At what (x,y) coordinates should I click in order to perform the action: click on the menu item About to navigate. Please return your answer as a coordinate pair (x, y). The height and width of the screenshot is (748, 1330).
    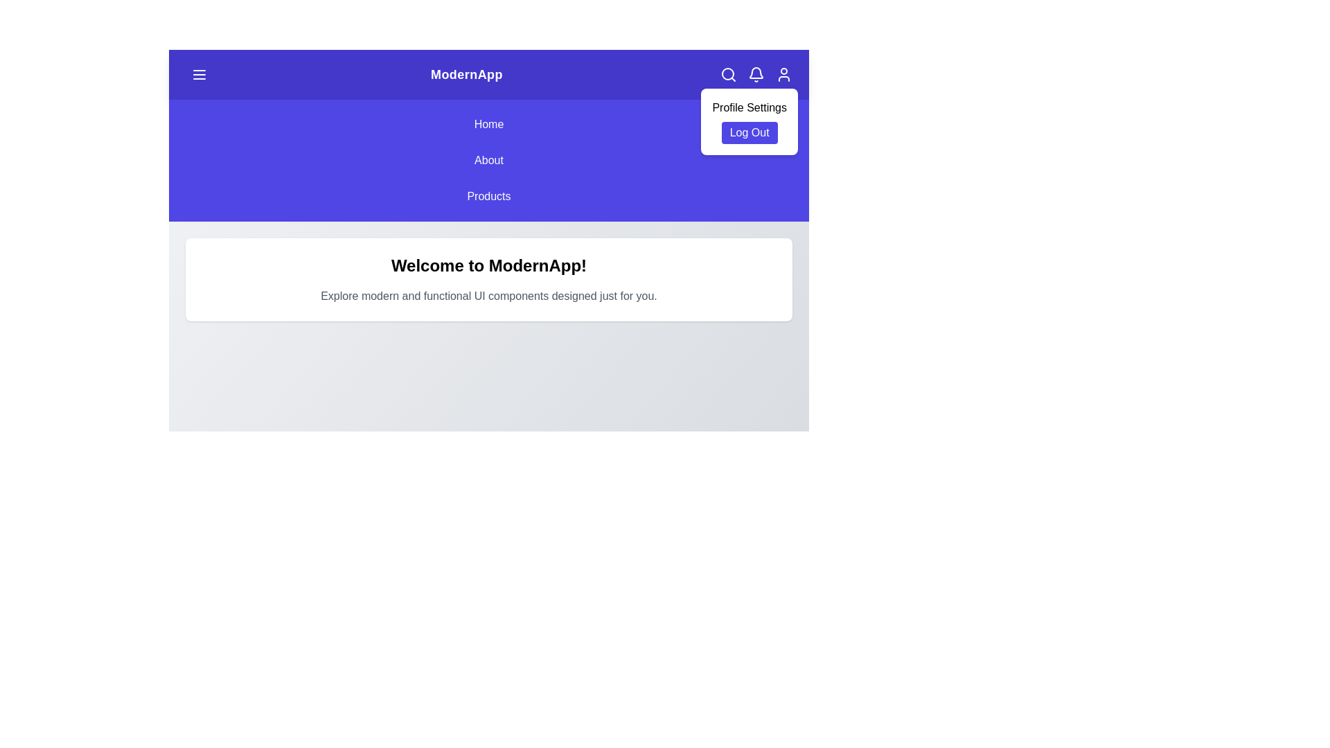
    Looking at the image, I should click on (488, 159).